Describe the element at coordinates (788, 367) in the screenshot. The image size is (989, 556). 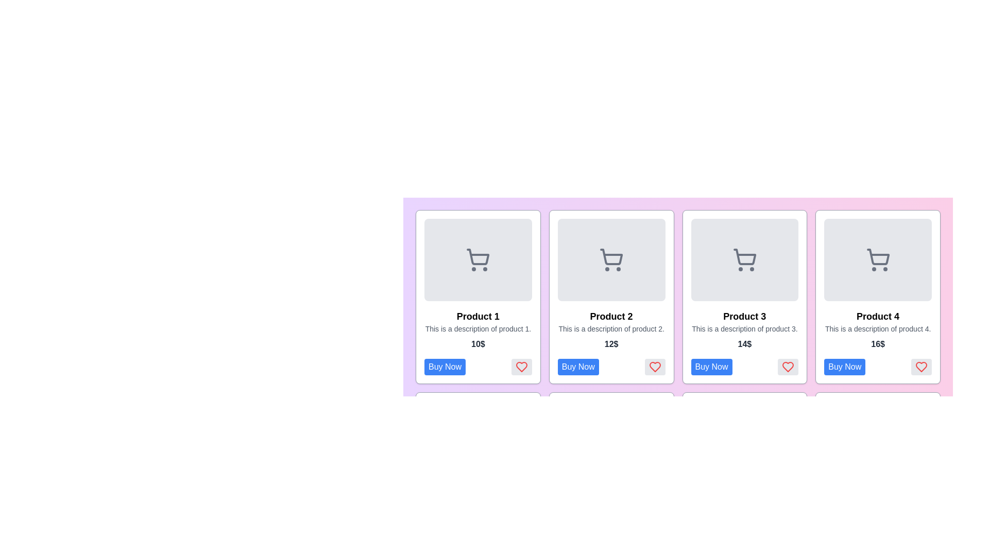
I see `the heart icon in the 'Product 3' card to favorite the item` at that location.